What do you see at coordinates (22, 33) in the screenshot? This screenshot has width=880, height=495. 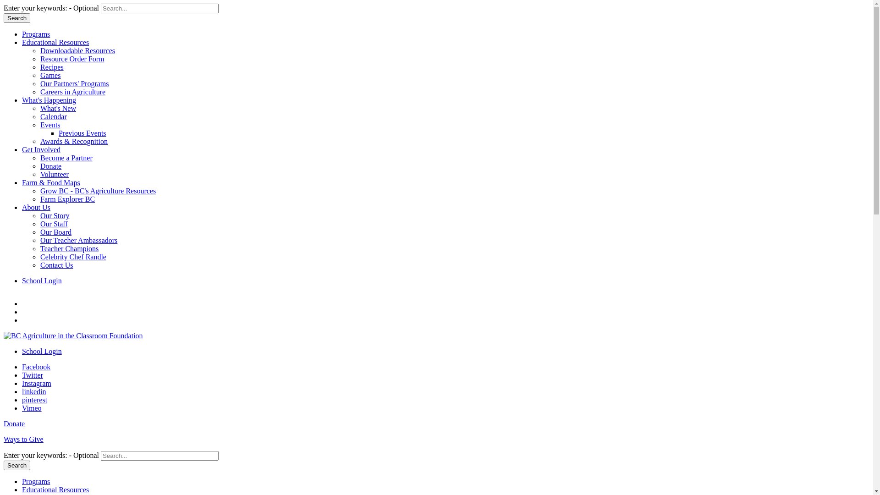 I see `'Programs'` at bounding box center [22, 33].